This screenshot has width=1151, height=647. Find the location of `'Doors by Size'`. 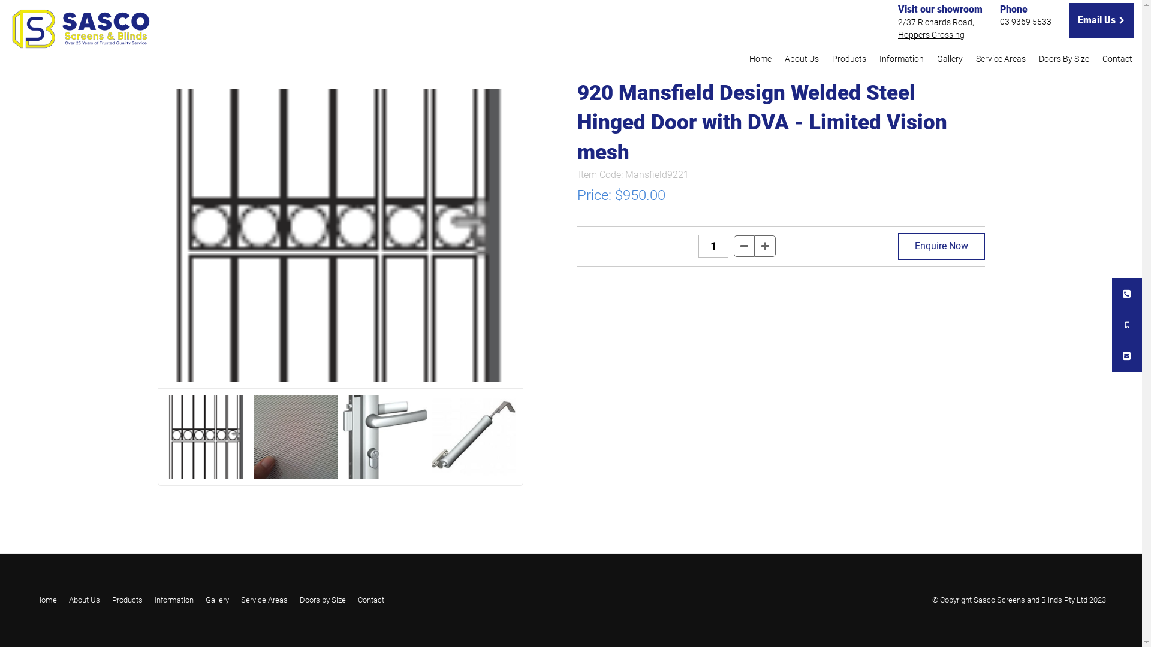

'Doors by Size' is located at coordinates (293, 600).